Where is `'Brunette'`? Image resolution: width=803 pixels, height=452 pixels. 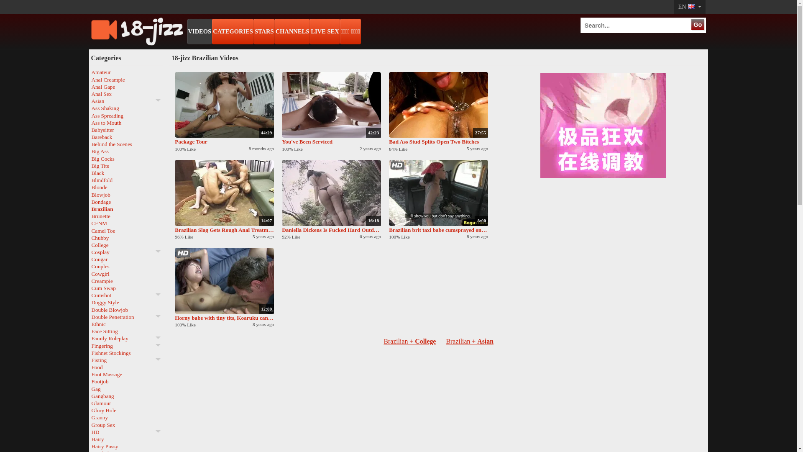 'Brunette' is located at coordinates (91, 216).